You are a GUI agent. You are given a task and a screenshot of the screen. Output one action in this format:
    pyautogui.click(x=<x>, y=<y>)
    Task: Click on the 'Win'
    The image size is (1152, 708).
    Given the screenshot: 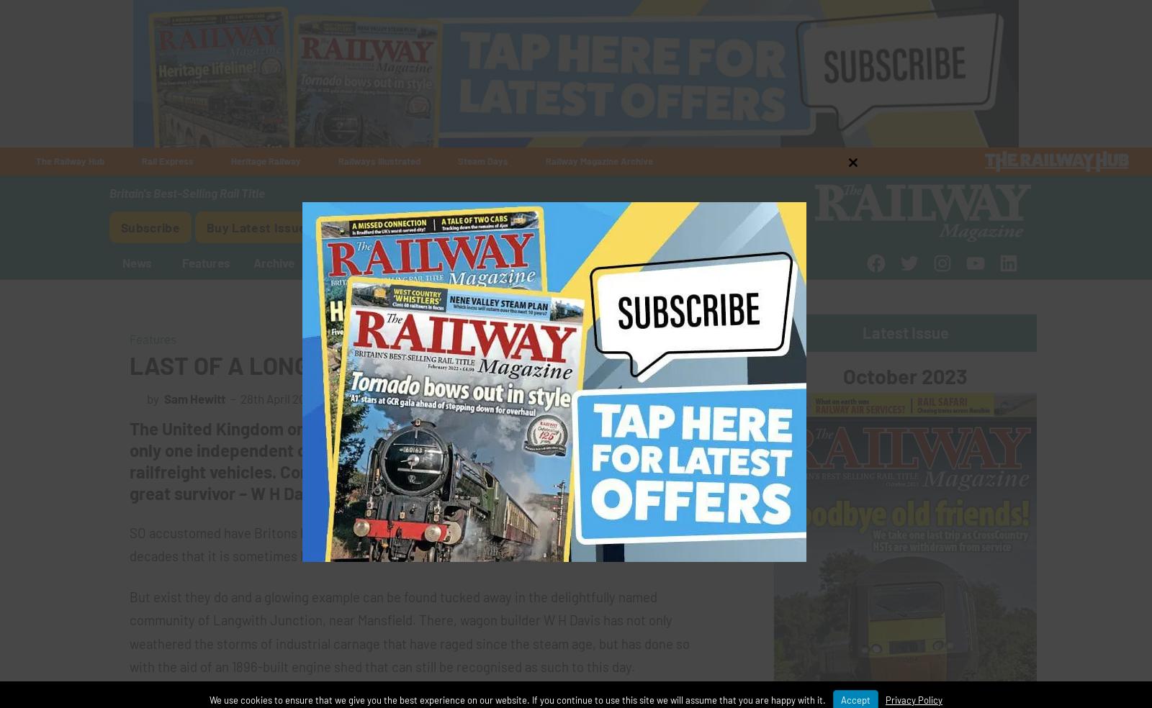 What is the action you would take?
    pyautogui.click(x=518, y=261)
    